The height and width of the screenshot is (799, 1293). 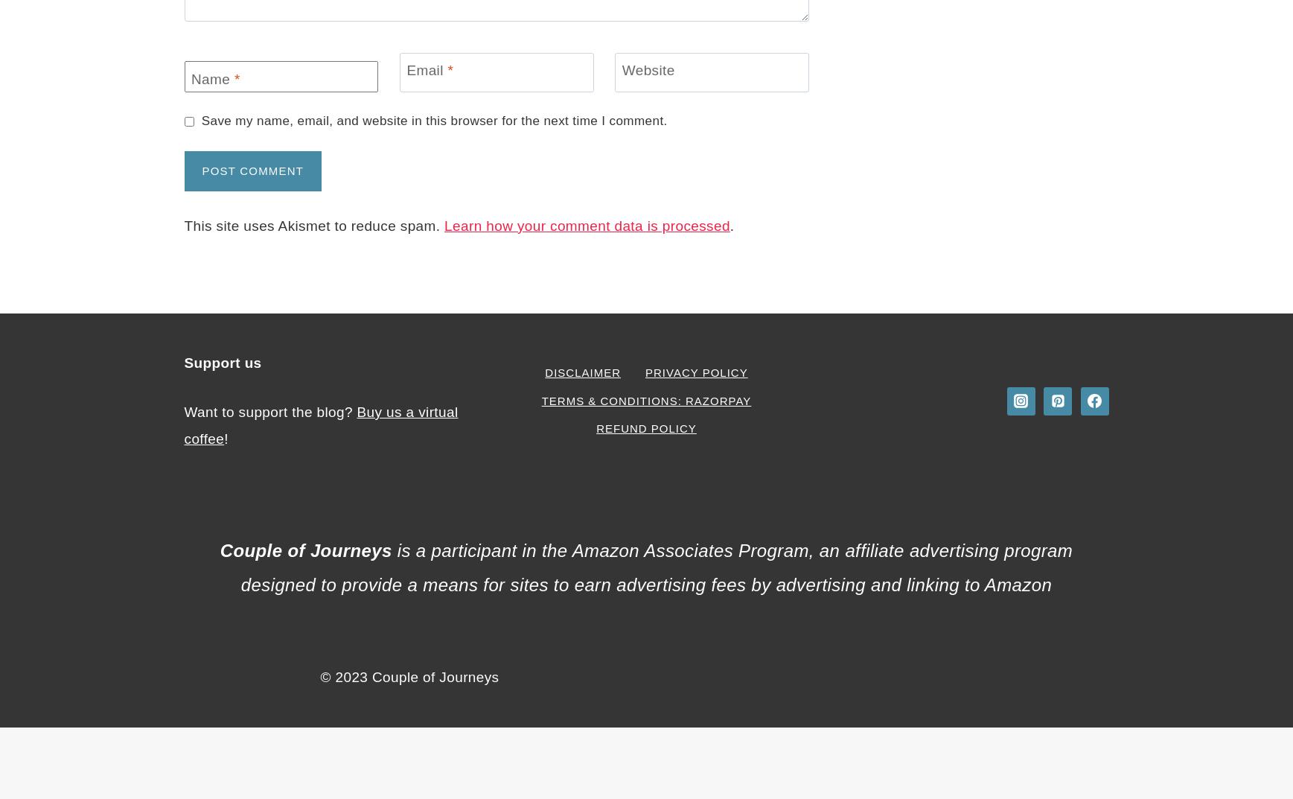 What do you see at coordinates (269, 411) in the screenshot?
I see `'Want to support the blog?'` at bounding box center [269, 411].